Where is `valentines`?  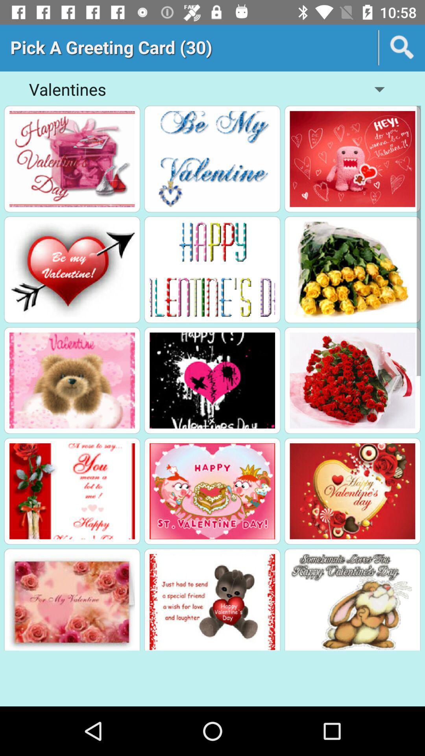
valentines is located at coordinates (352, 270).